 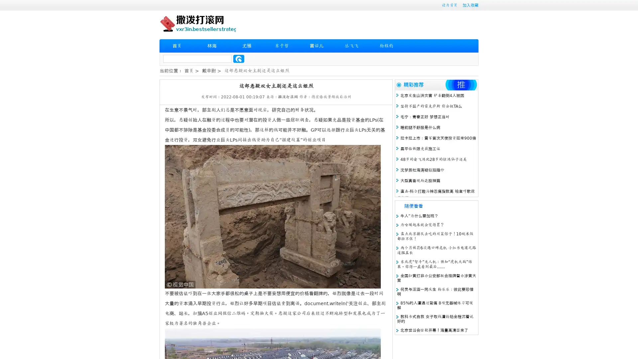 I want to click on Search, so click(x=239, y=59).